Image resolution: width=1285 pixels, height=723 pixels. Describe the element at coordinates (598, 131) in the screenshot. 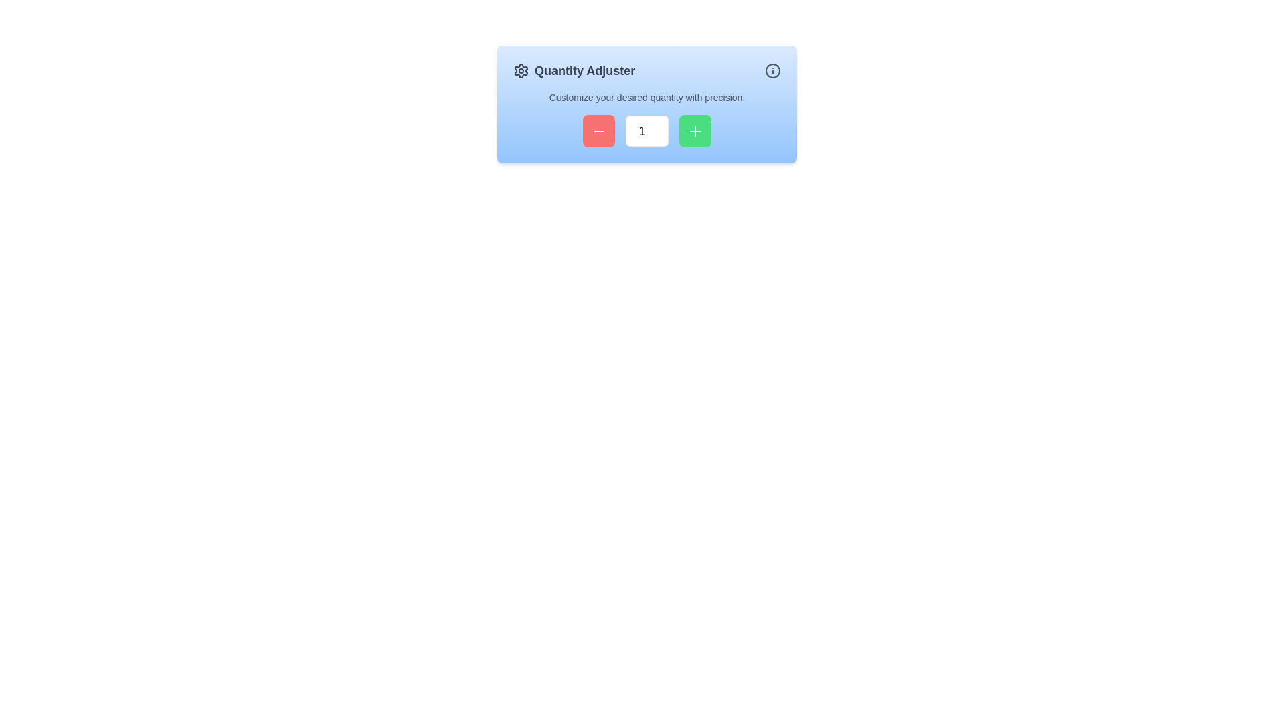

I see `the button that decreases the numeric value in the adjacent text input field, located to the left of the numeric input field and to the right of a green styled button` at that location.